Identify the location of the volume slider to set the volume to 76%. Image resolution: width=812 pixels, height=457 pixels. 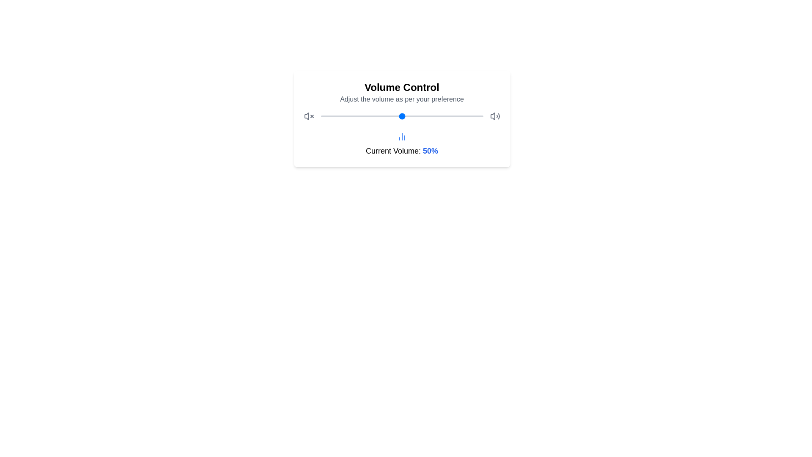
(444, 116).